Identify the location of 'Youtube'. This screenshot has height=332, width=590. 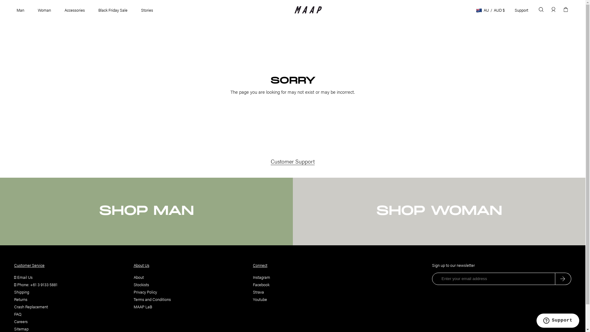
(260, 299).